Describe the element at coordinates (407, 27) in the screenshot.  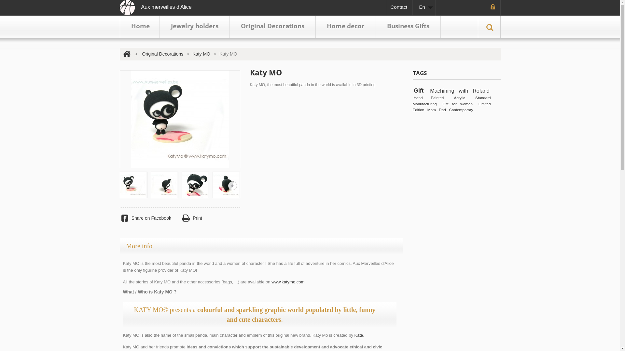
I see `'Business Gifts'` at that location.